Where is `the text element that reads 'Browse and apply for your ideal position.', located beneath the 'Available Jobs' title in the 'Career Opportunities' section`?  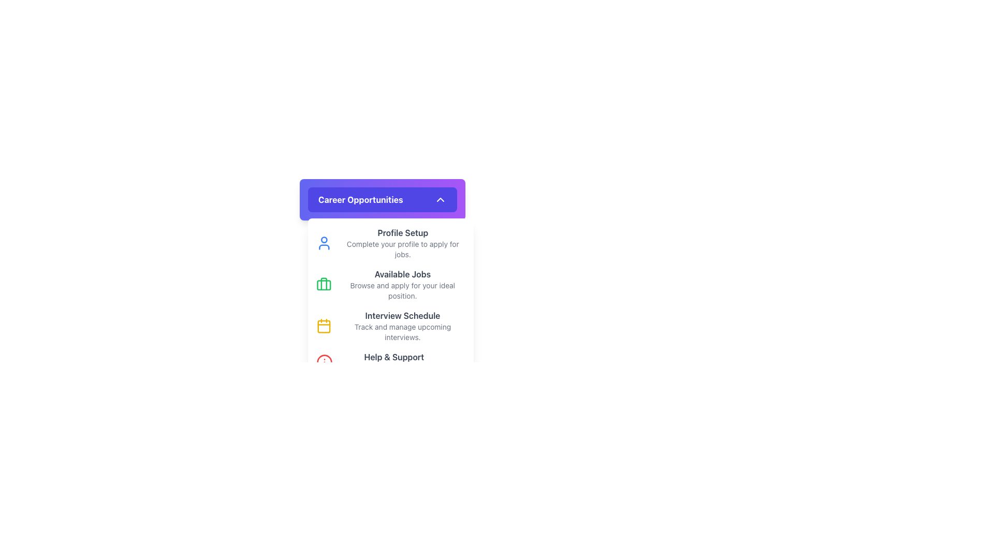
the text element that reads 'Browse and apply for your ideal position.', located beneath the 'Available Jobs' title in the 'Career Opportunities' section is located at coordinates (402, 291).